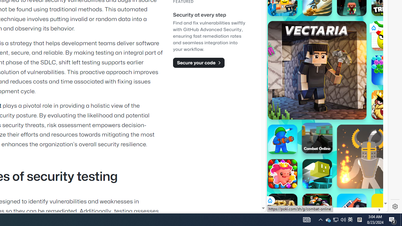 Image resolution: width=402 pixels, height=226 pixels. What do you see at coordinates (369, 156) in the screenshot?
I see `'Ragdoll Hit'` at bounding box center [369, 156].